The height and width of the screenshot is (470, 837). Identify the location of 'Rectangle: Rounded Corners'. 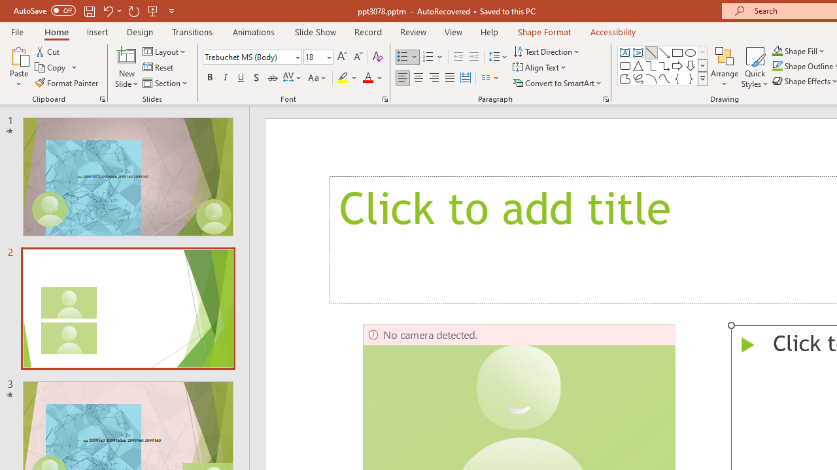
(624, 65).